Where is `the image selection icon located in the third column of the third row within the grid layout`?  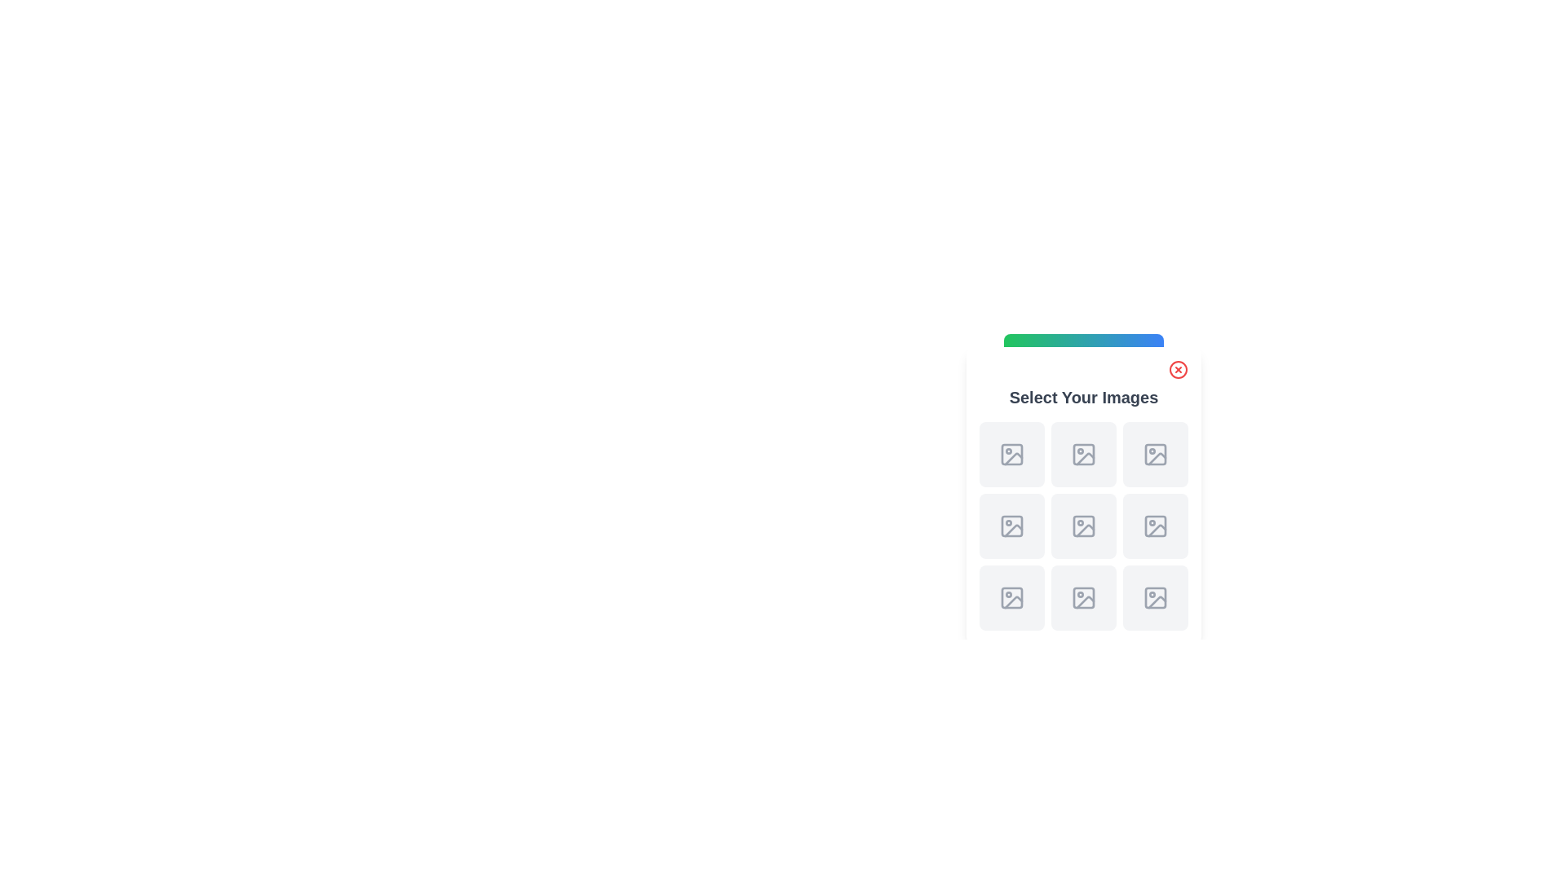
the image selection icon located in the third column of the third row within the grid layout is located at coordinates (1154, 526).